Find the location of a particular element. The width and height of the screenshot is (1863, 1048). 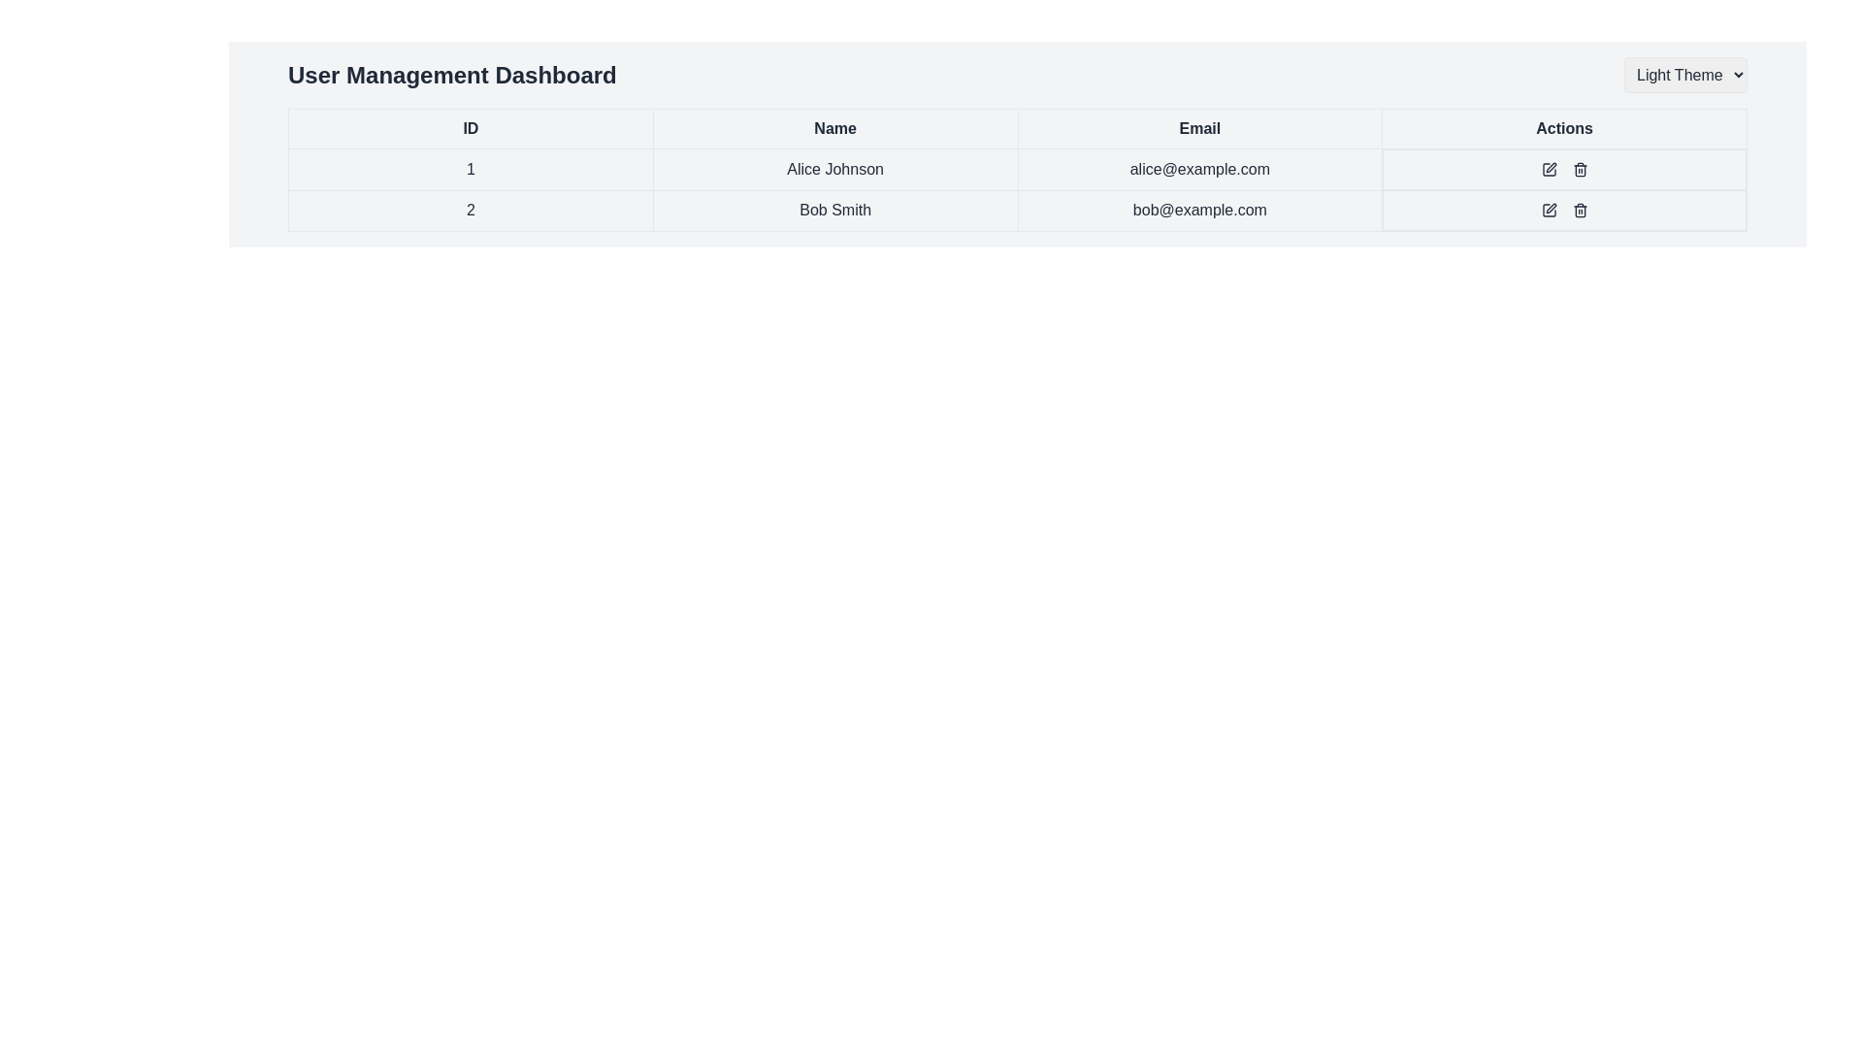

the delete icon button located in the 'Actions' column of the second row of the user table is located at coordinates (1579, 210).